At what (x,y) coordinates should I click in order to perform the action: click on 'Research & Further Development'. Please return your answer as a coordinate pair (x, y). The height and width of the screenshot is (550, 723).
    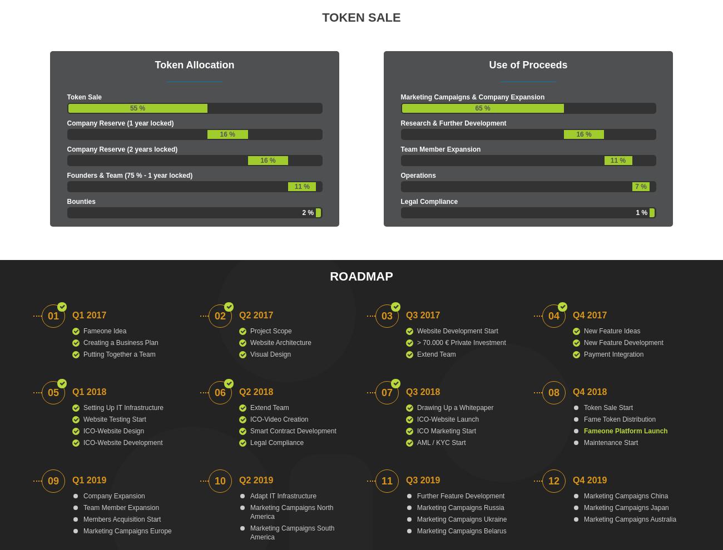
    Looking at the image, I should click on (453, 122).